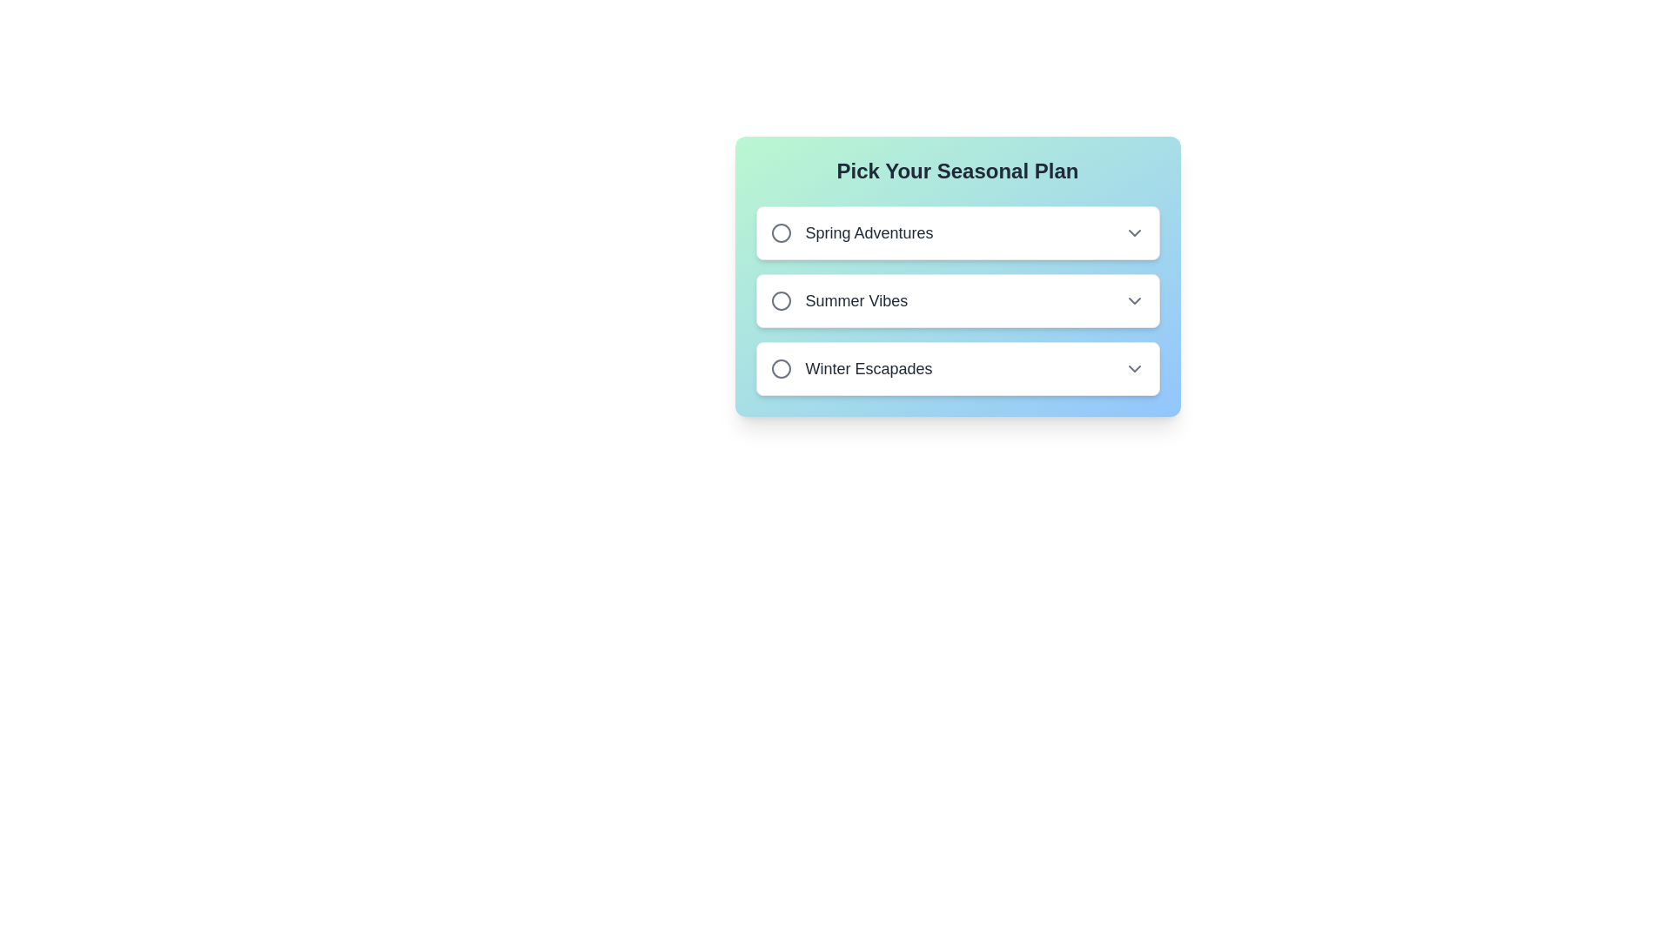 The height and width of the screenshot is (940, 1671). Describe the element at coordinates (1134, 368) in the screenshot. I see `the Dropdown Indicator Icon associated with 'Winter Escapades'` at that location.